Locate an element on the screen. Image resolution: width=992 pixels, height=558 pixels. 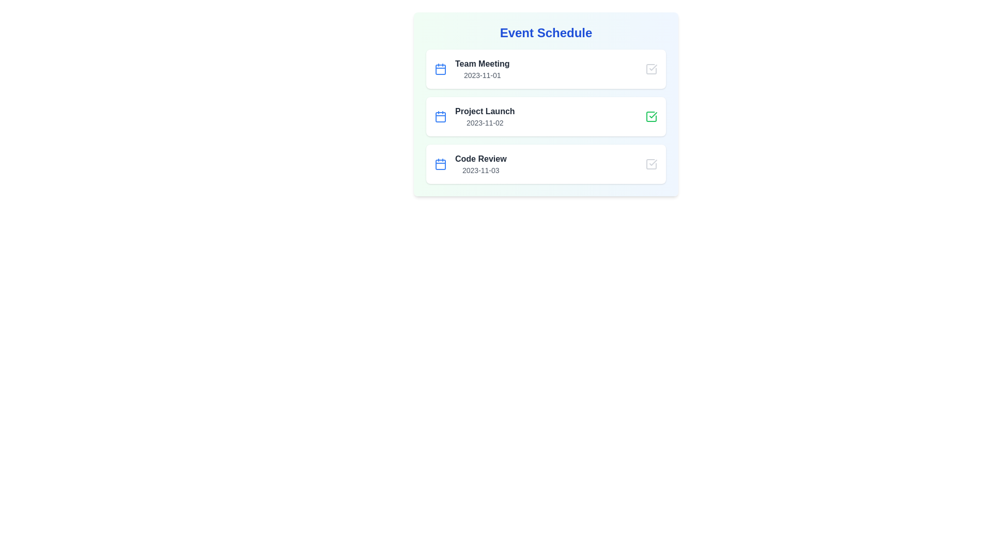
the event item labeled Team Meeting is located at coordinates (545, 69).